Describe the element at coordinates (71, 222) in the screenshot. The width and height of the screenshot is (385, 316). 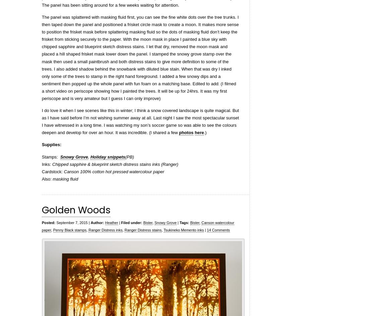
I see `'September 7, 2015'` at that location.